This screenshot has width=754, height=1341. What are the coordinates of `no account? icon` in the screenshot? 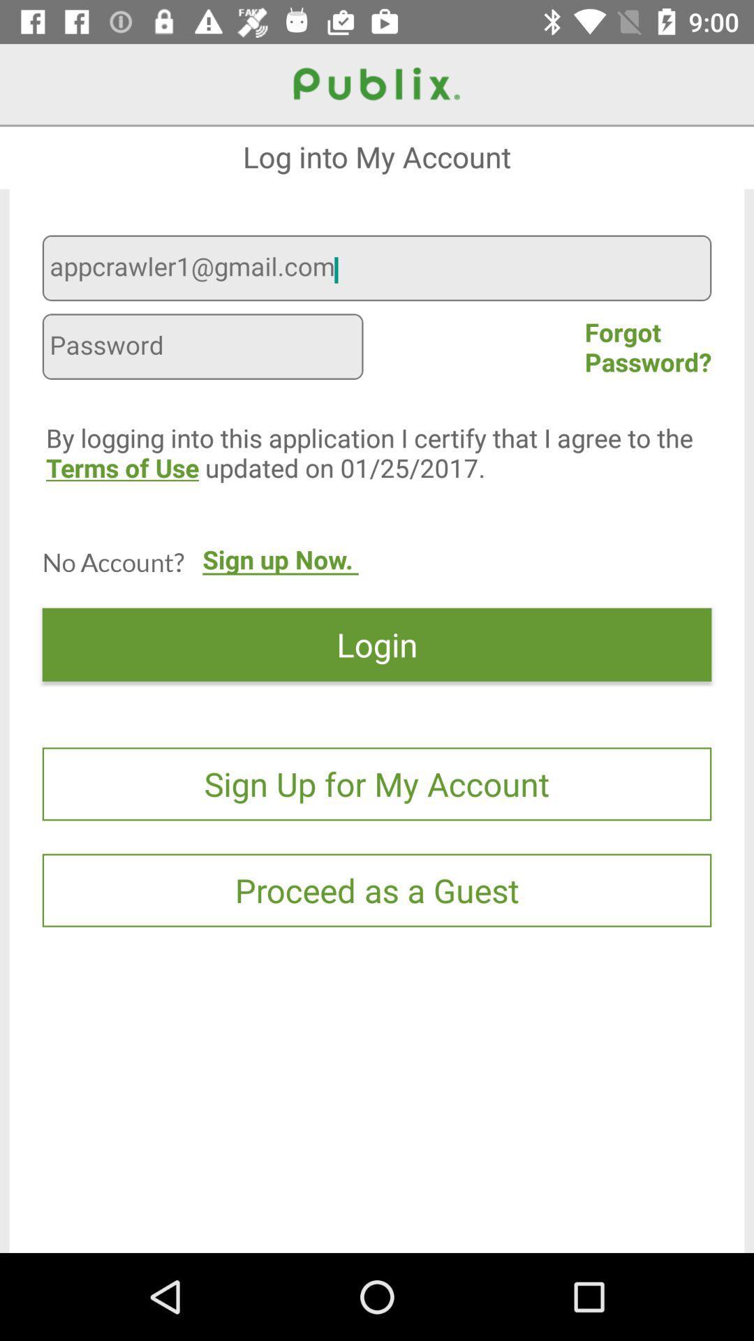 It's located at (112, 562).